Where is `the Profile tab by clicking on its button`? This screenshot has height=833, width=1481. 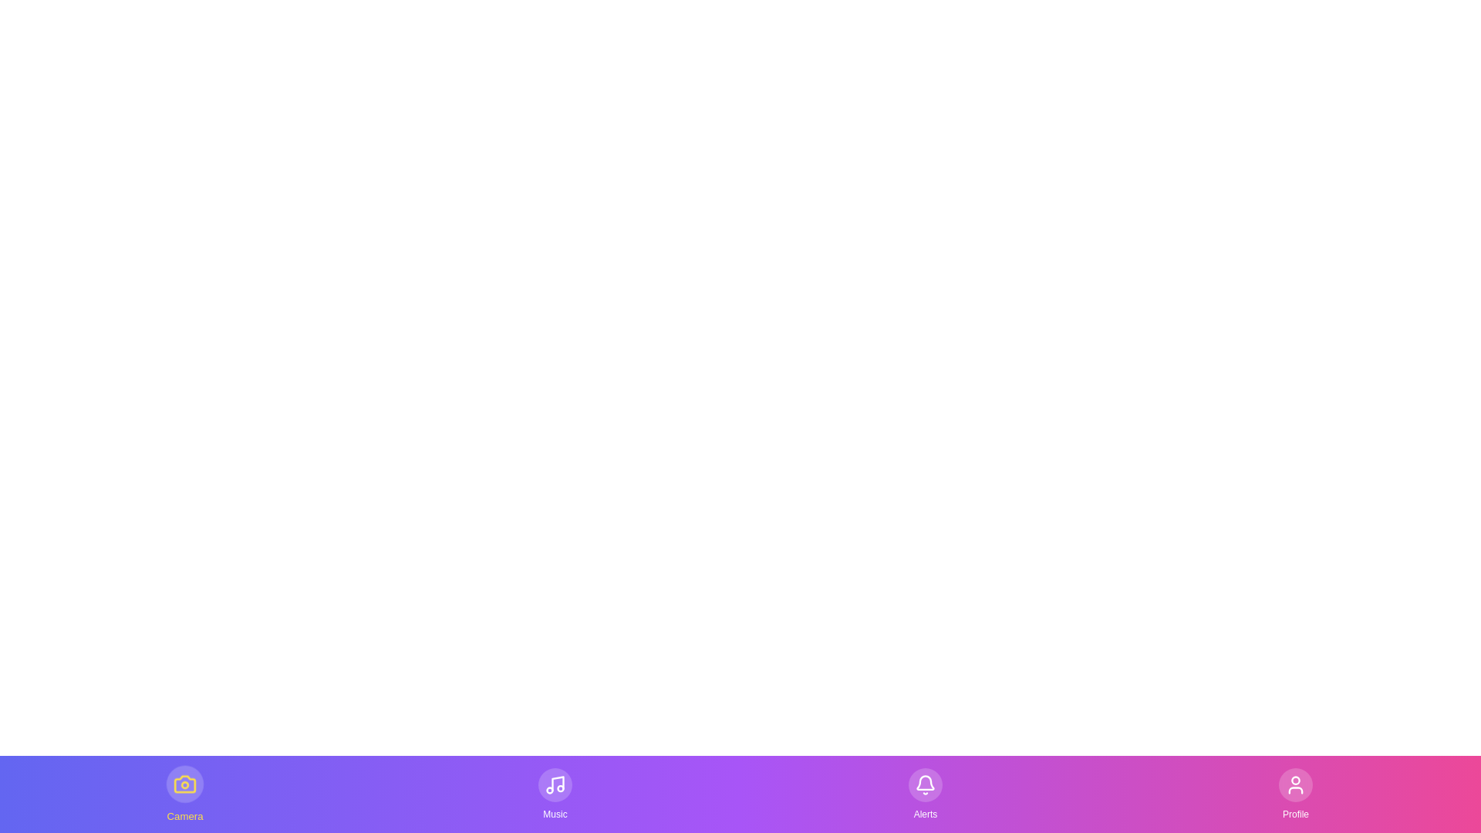
the Profile tab by clicking on its button is located at coordinates (1296, 794).